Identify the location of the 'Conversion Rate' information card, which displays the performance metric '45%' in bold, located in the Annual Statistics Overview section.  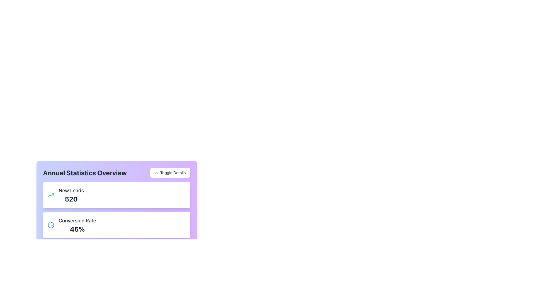
(116, 225).